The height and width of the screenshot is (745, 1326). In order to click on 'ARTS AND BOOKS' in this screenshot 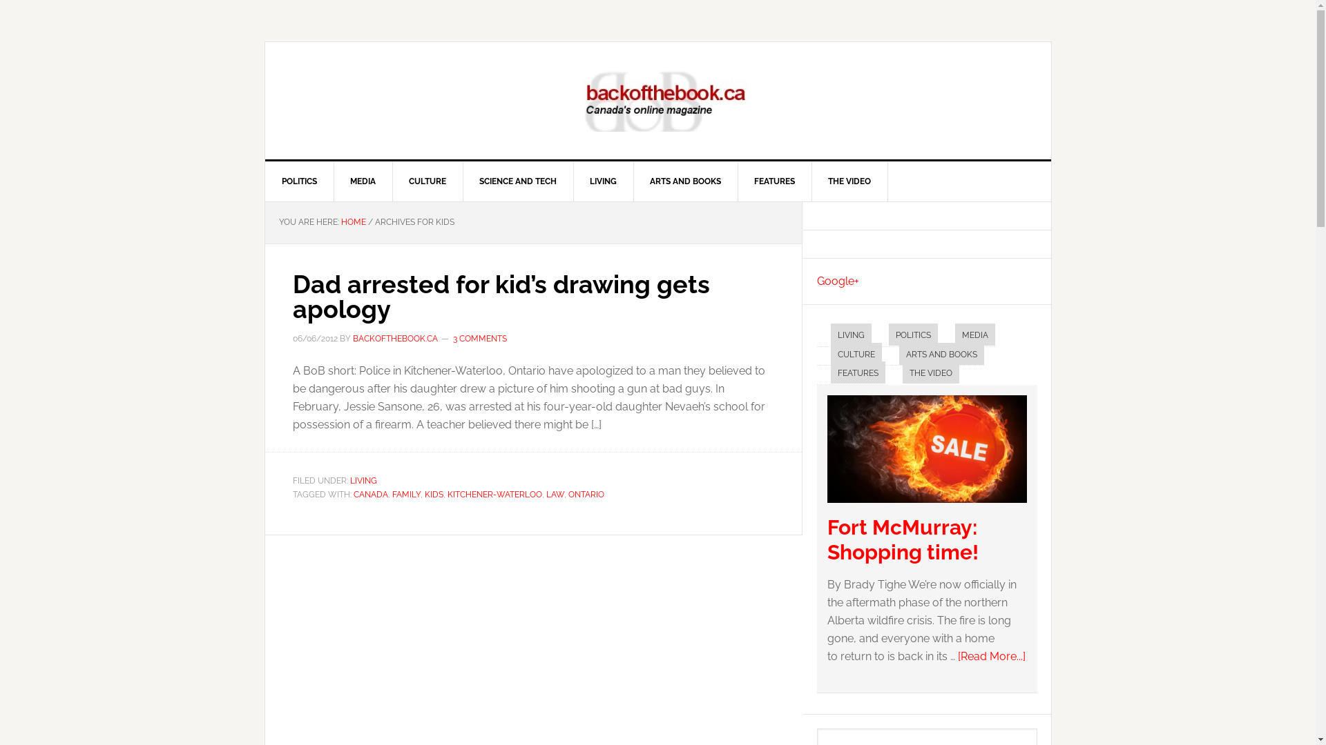, I will do `click(941, 352)`.